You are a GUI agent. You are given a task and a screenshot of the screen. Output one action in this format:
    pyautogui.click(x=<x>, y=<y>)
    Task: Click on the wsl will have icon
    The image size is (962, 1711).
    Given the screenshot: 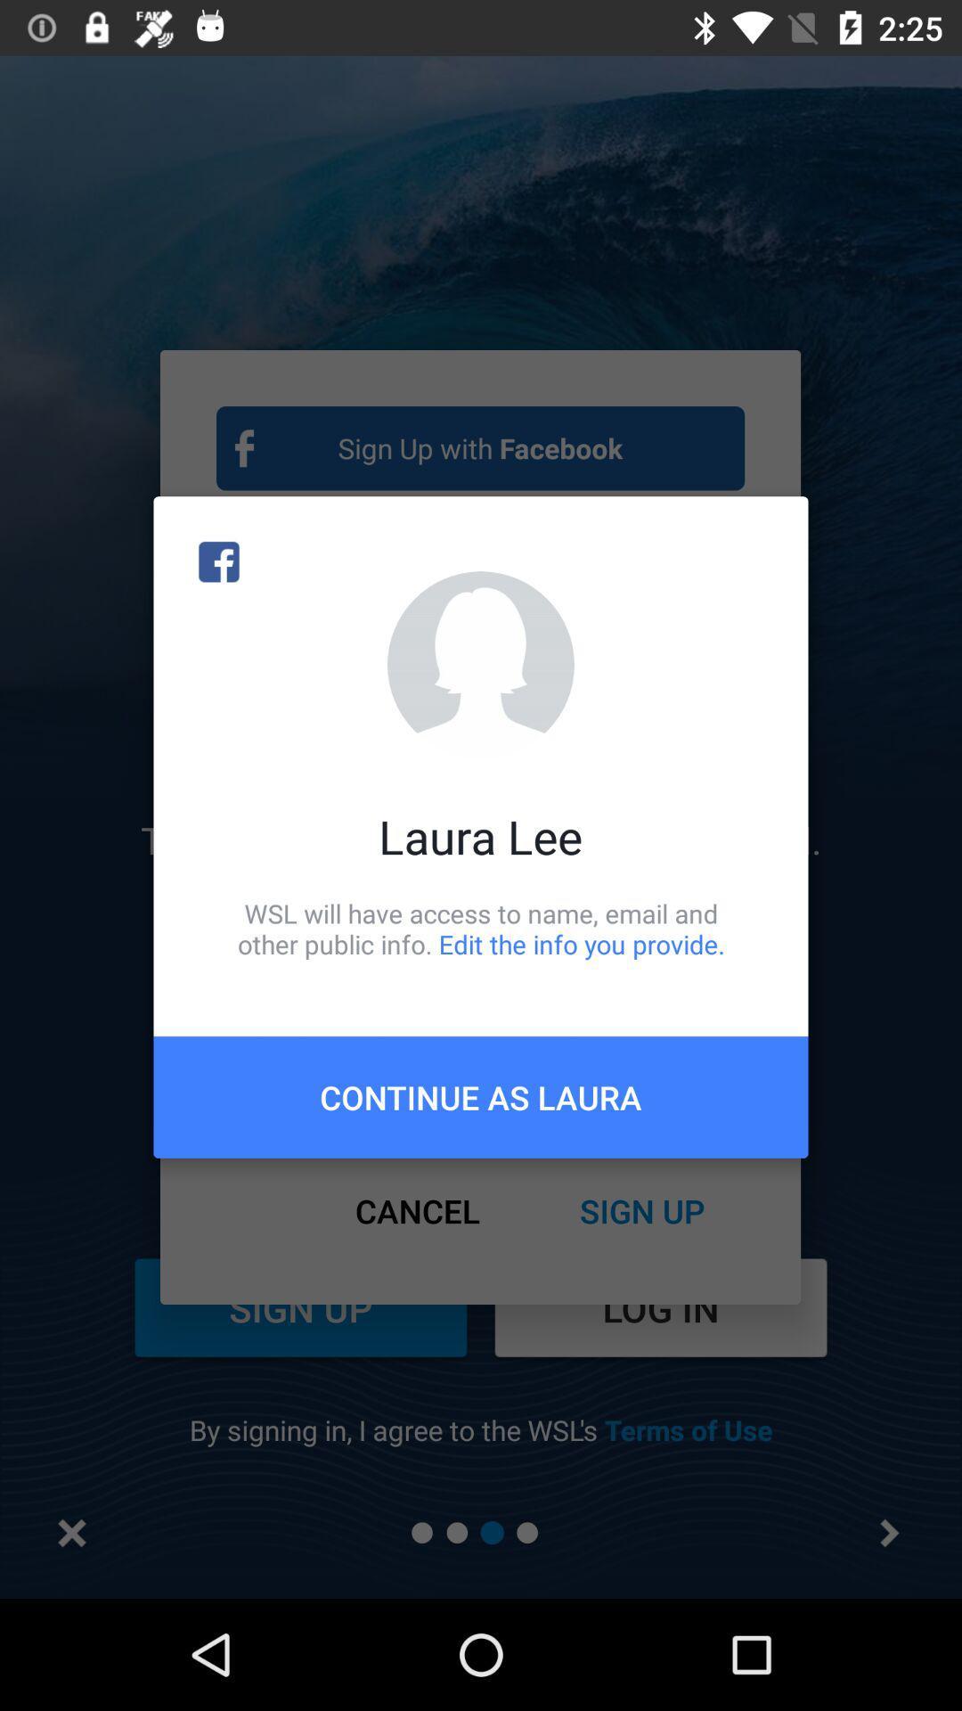 What is the action you would take?
    pyautogui.click(x=481, y=928)
    